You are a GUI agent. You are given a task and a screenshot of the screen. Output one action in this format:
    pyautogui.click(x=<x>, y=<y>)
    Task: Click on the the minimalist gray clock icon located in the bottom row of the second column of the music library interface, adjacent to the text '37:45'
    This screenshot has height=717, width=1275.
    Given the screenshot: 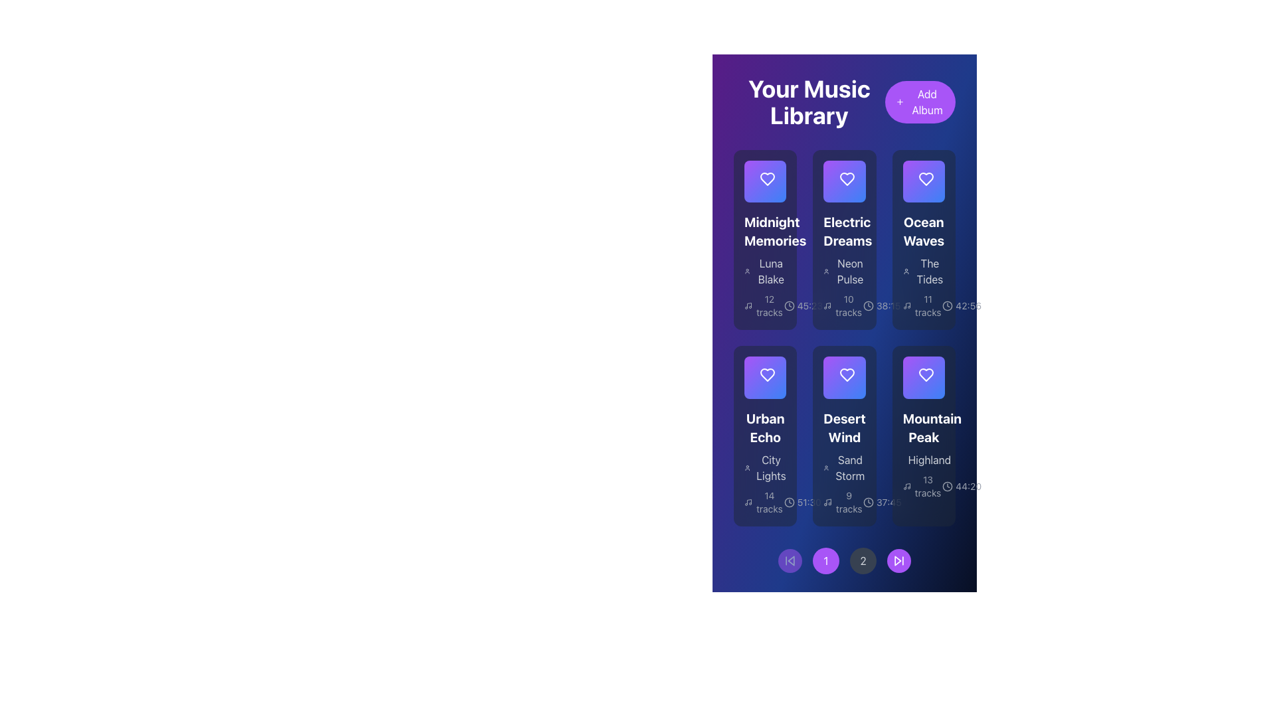 What is the action you would take?
    pyautogui.click(x=869, y=502)
    